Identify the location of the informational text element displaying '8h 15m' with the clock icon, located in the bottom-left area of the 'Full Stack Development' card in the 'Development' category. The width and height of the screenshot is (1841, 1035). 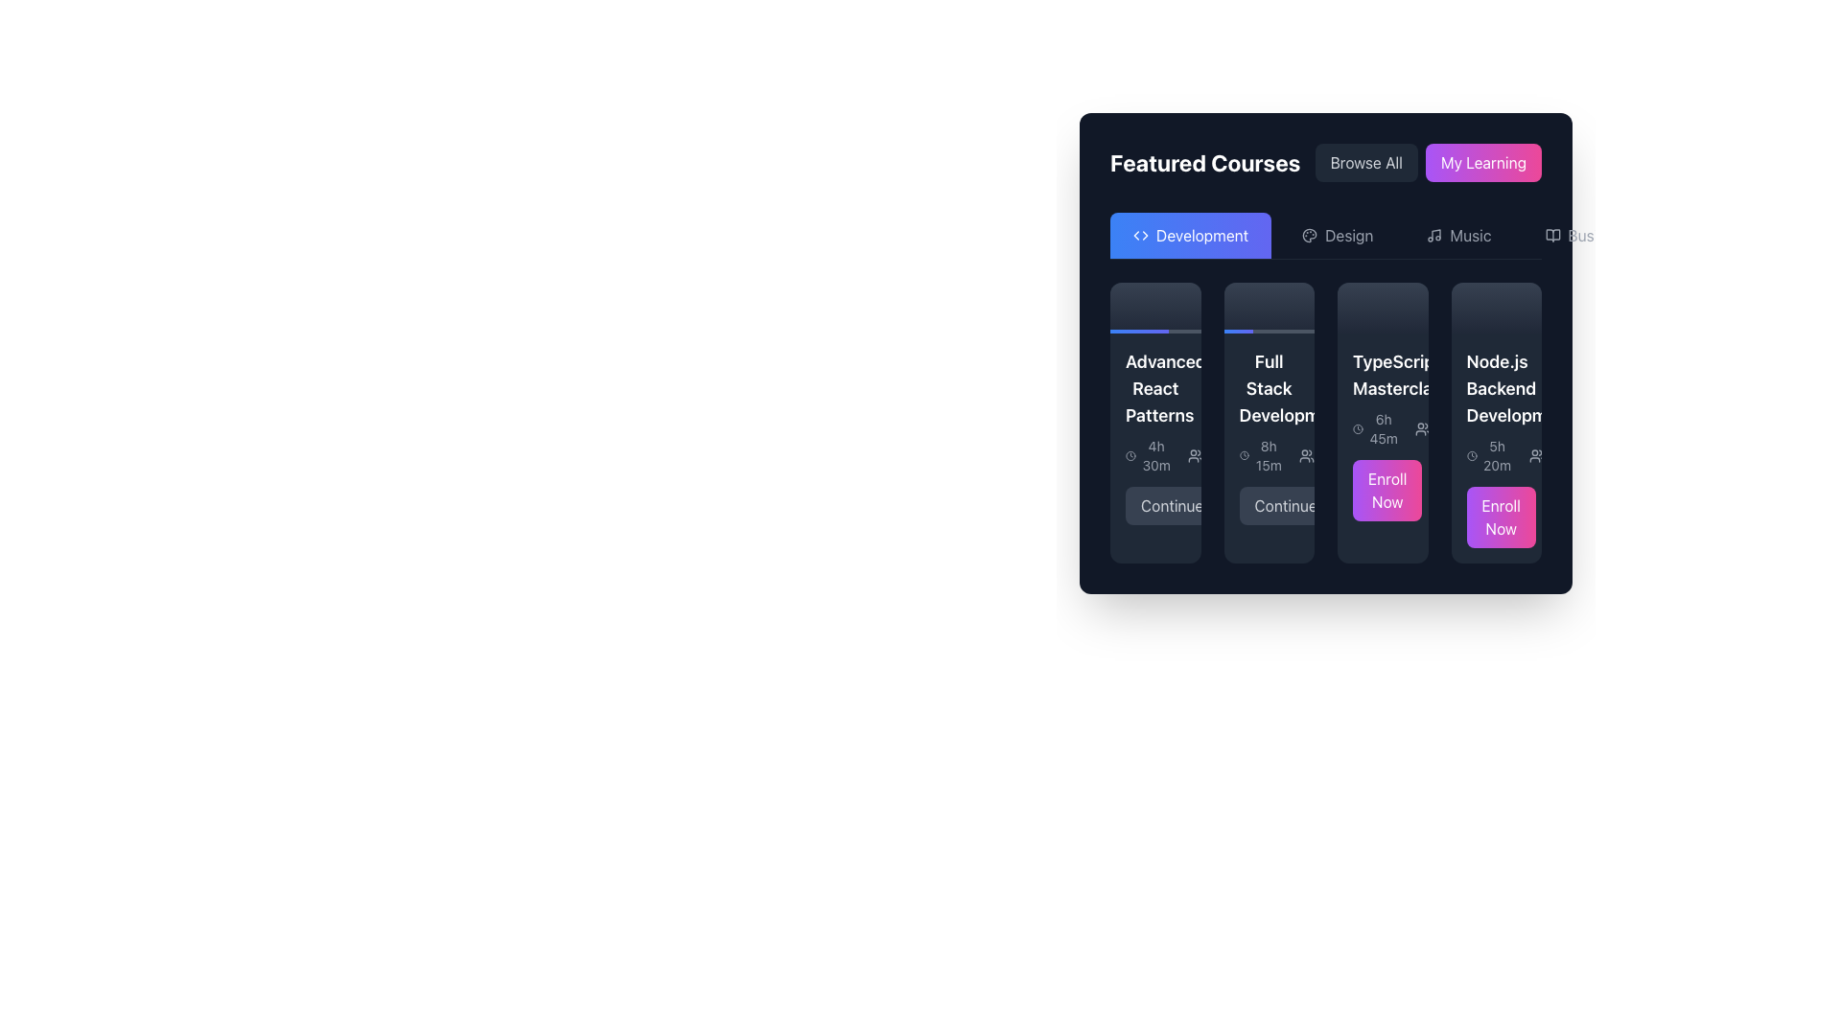
(1261, 456).